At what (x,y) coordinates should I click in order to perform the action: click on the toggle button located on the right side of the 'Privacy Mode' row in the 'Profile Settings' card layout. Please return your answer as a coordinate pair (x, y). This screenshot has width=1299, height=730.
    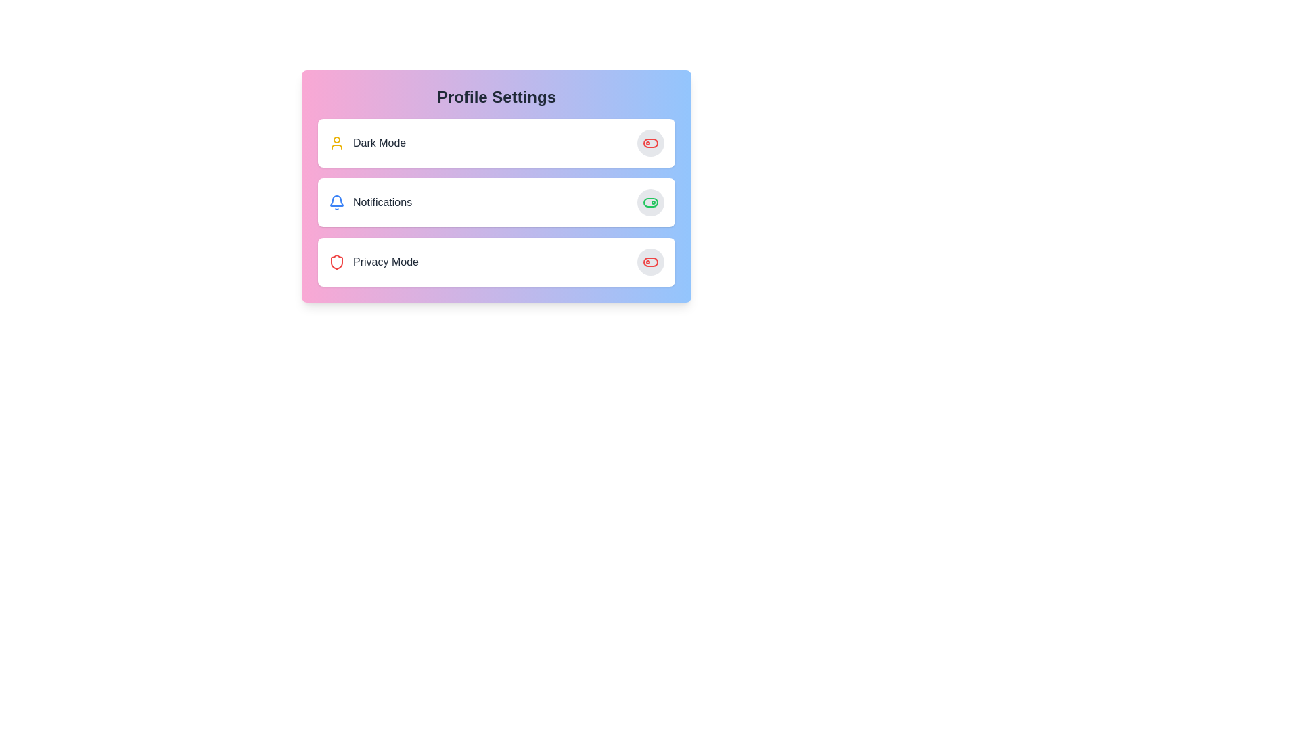
    Looking at the image, I should click on (650, 262).